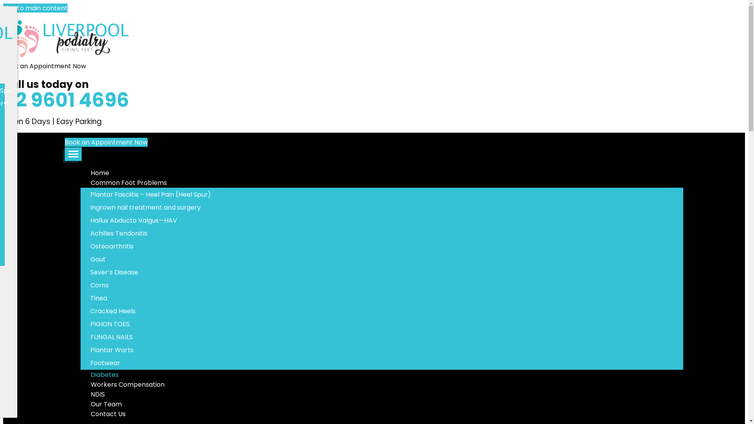 This screenshot has height=424, width=754. I want to click on 'Workers Compensation', so click(81, 384).